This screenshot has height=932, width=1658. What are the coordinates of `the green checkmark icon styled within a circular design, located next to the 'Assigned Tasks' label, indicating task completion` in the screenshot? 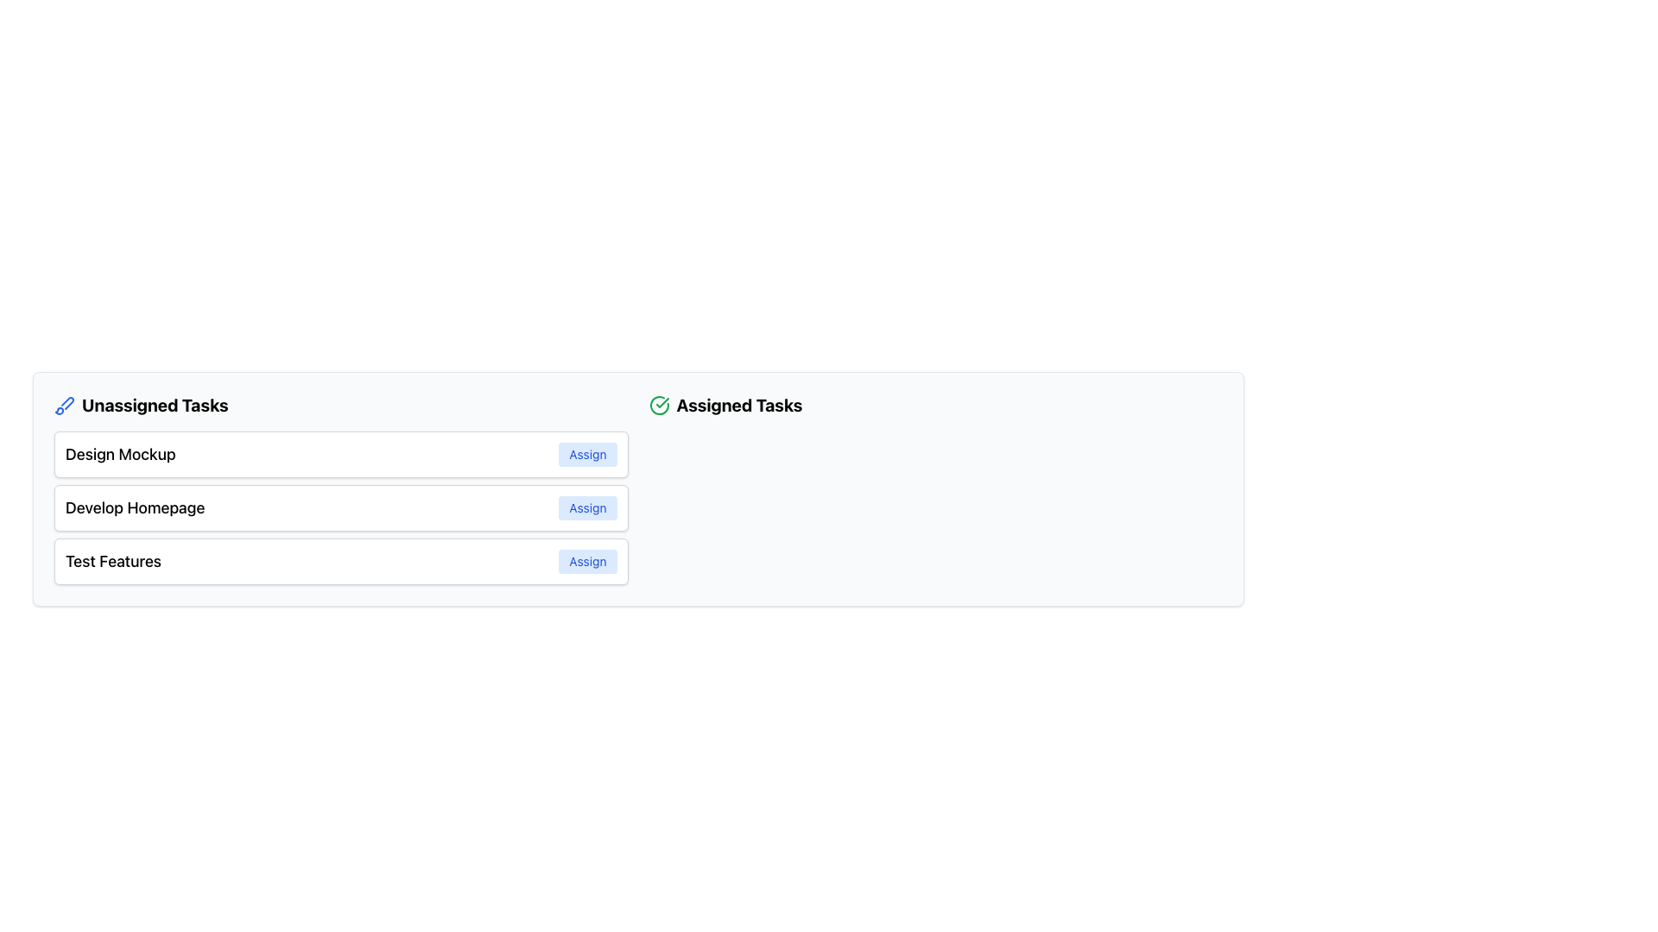 It's located at (661, 402).